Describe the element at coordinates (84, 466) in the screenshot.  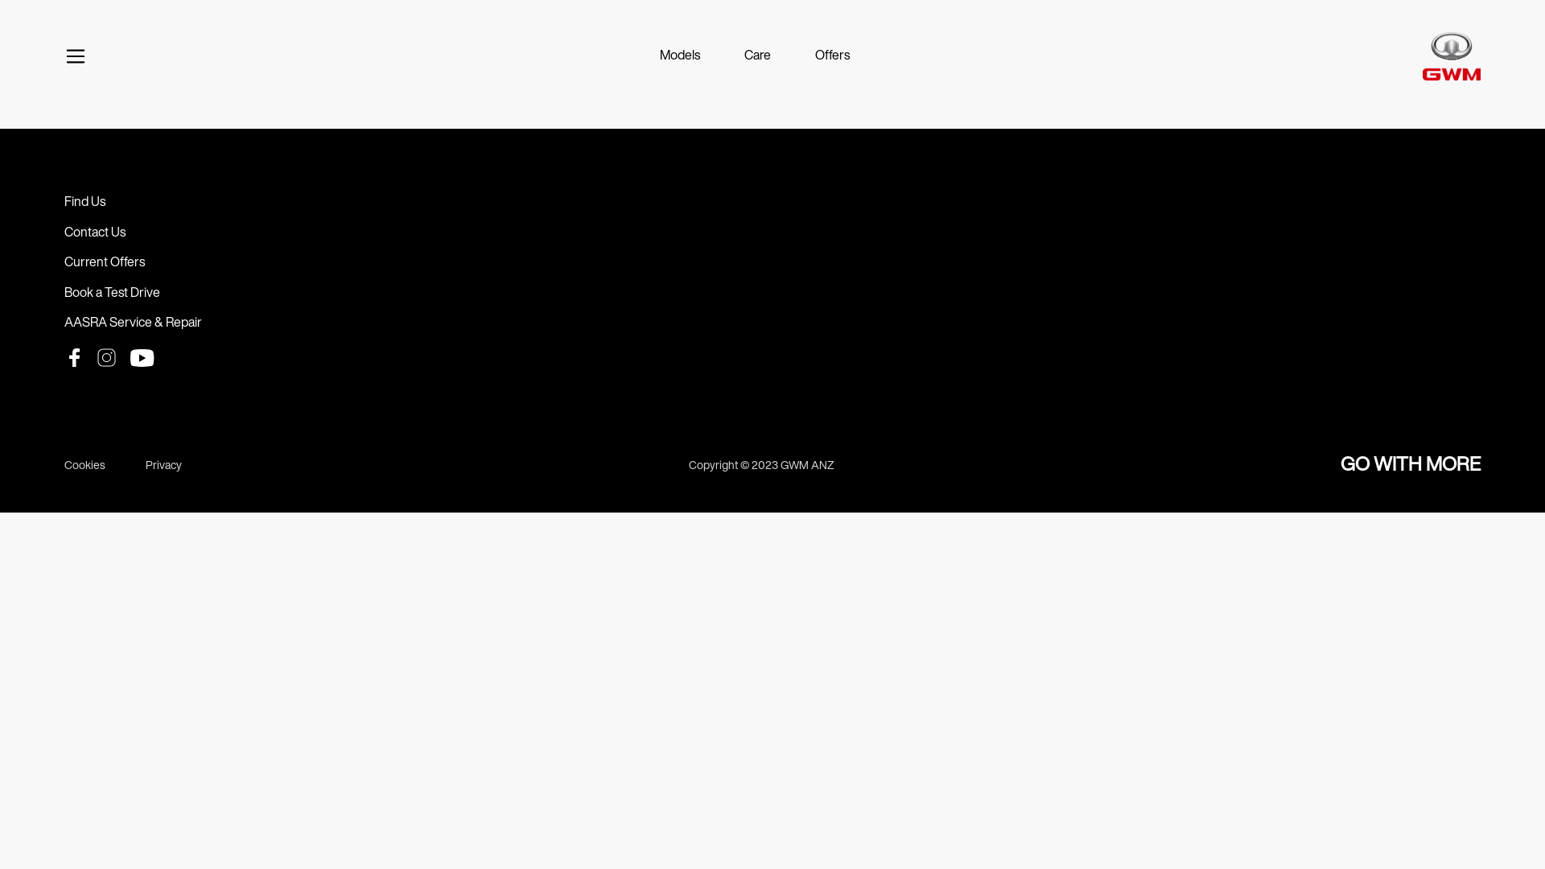
I see `'Cookies'` at that location.